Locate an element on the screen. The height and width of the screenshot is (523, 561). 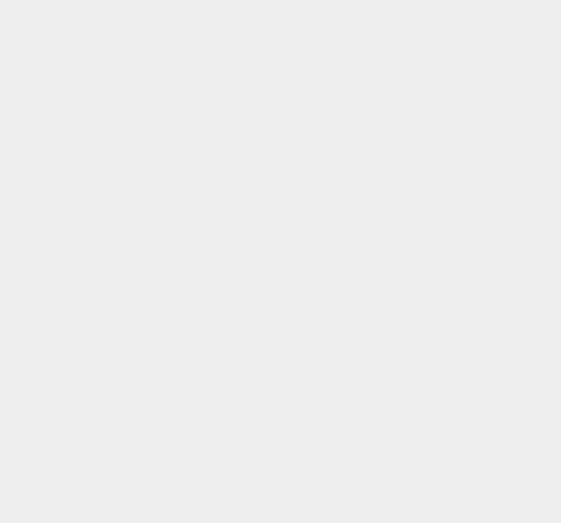
'SMO' is located at coordinates (403, 369).